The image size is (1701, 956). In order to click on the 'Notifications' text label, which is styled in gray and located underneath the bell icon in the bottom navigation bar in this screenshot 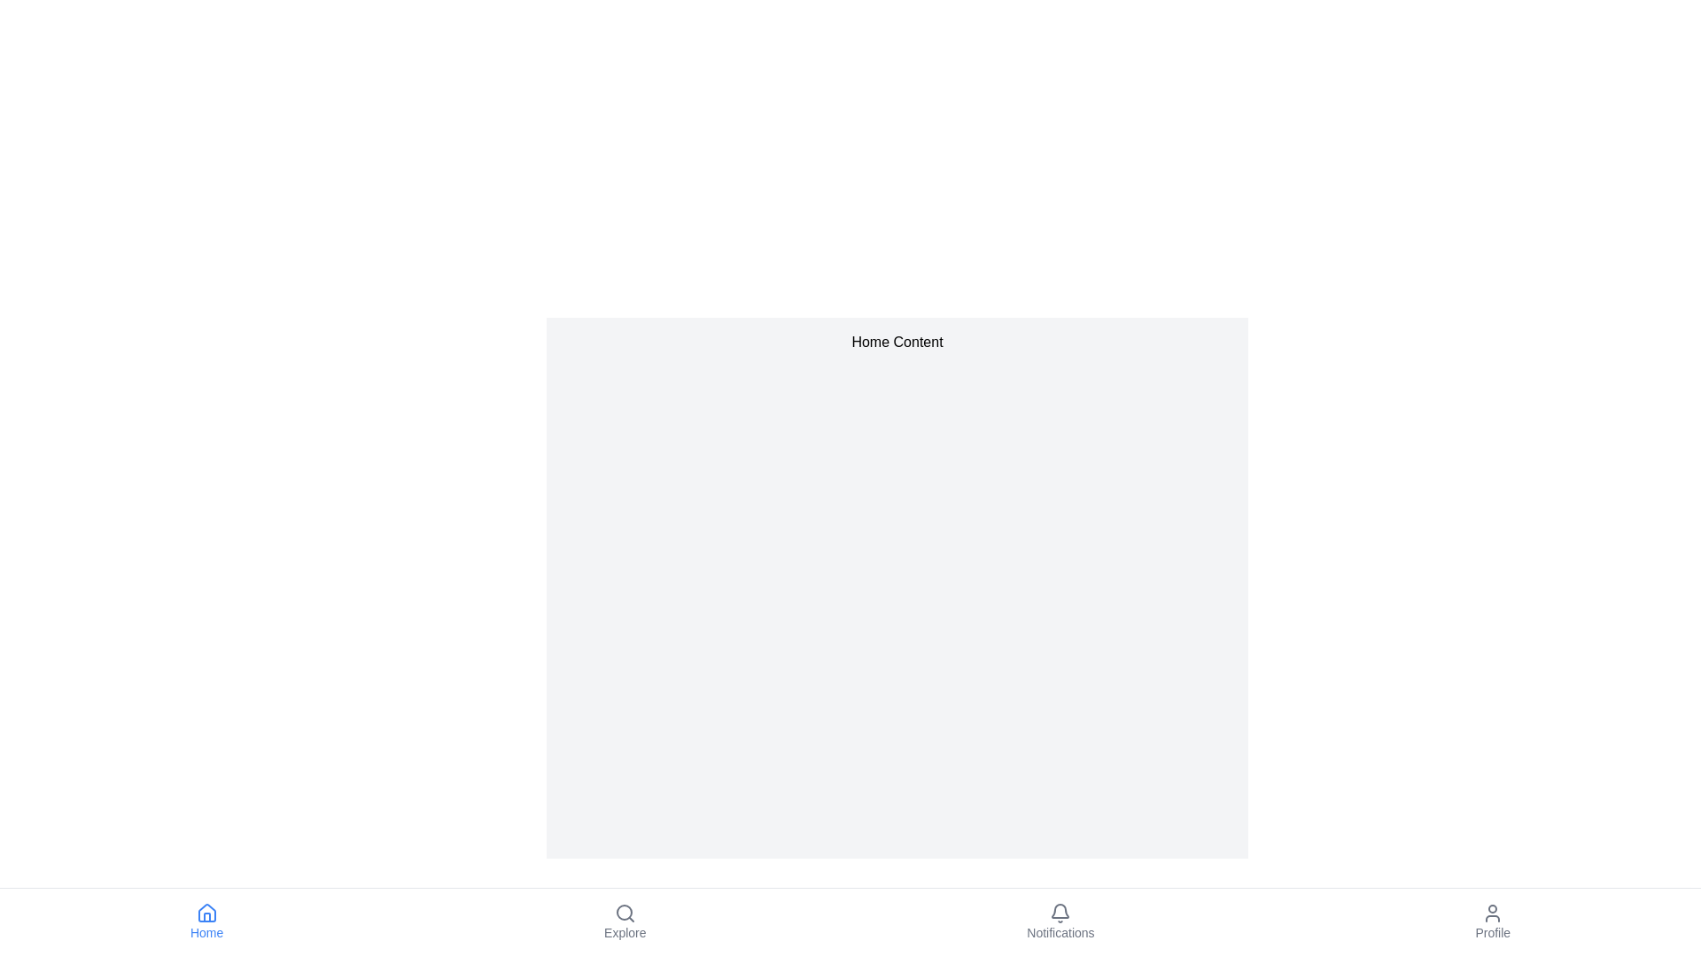, I will do `click(1060, 931)`.